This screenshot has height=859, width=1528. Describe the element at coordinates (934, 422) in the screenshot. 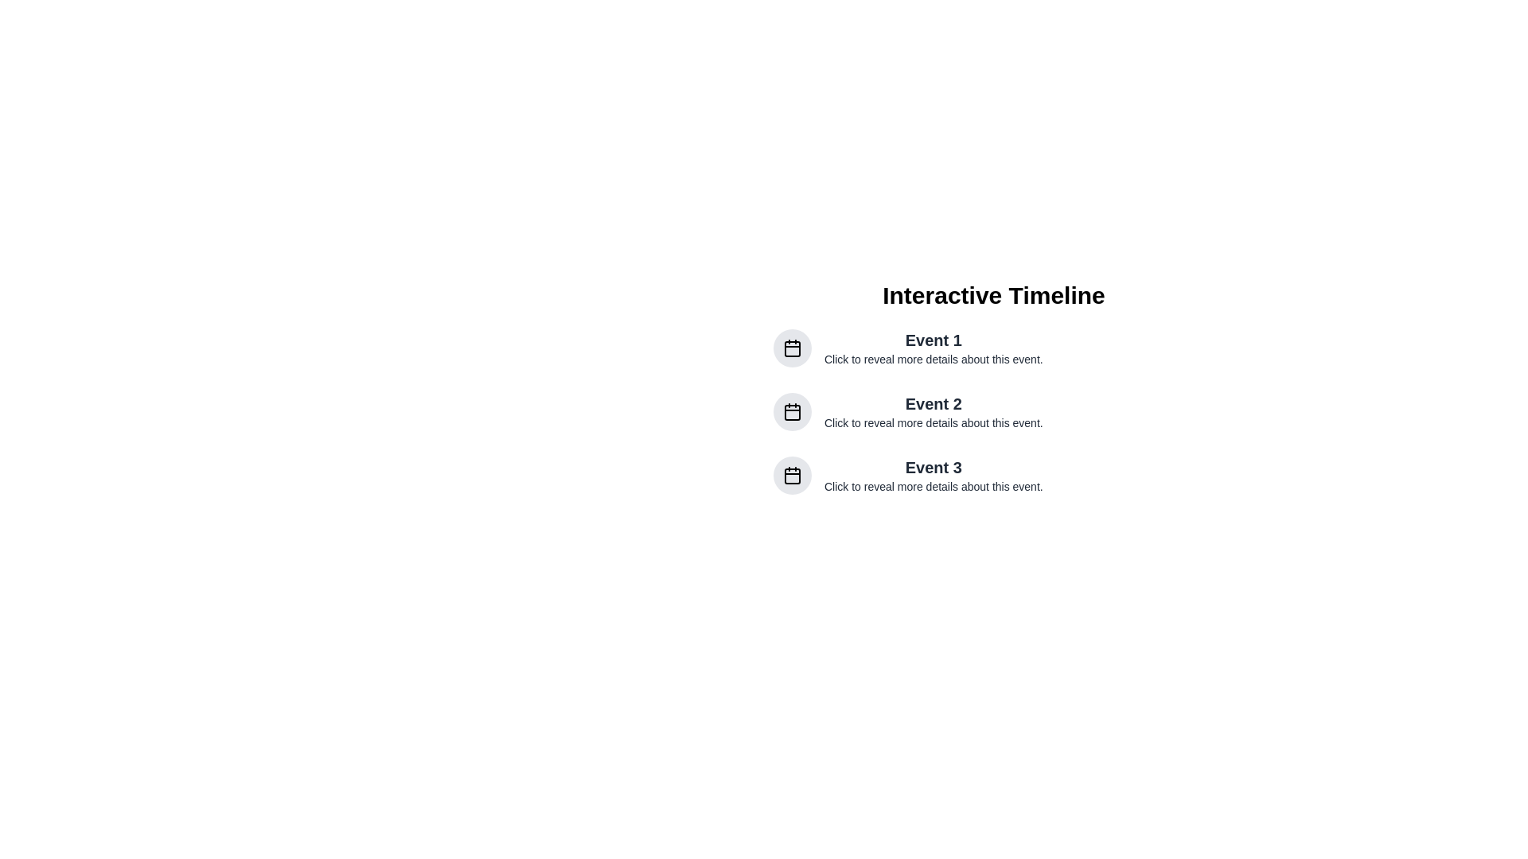

I see `text label that says 'Click to reveal more details about this event.' located below 'Event 2' in the event list` at that location.